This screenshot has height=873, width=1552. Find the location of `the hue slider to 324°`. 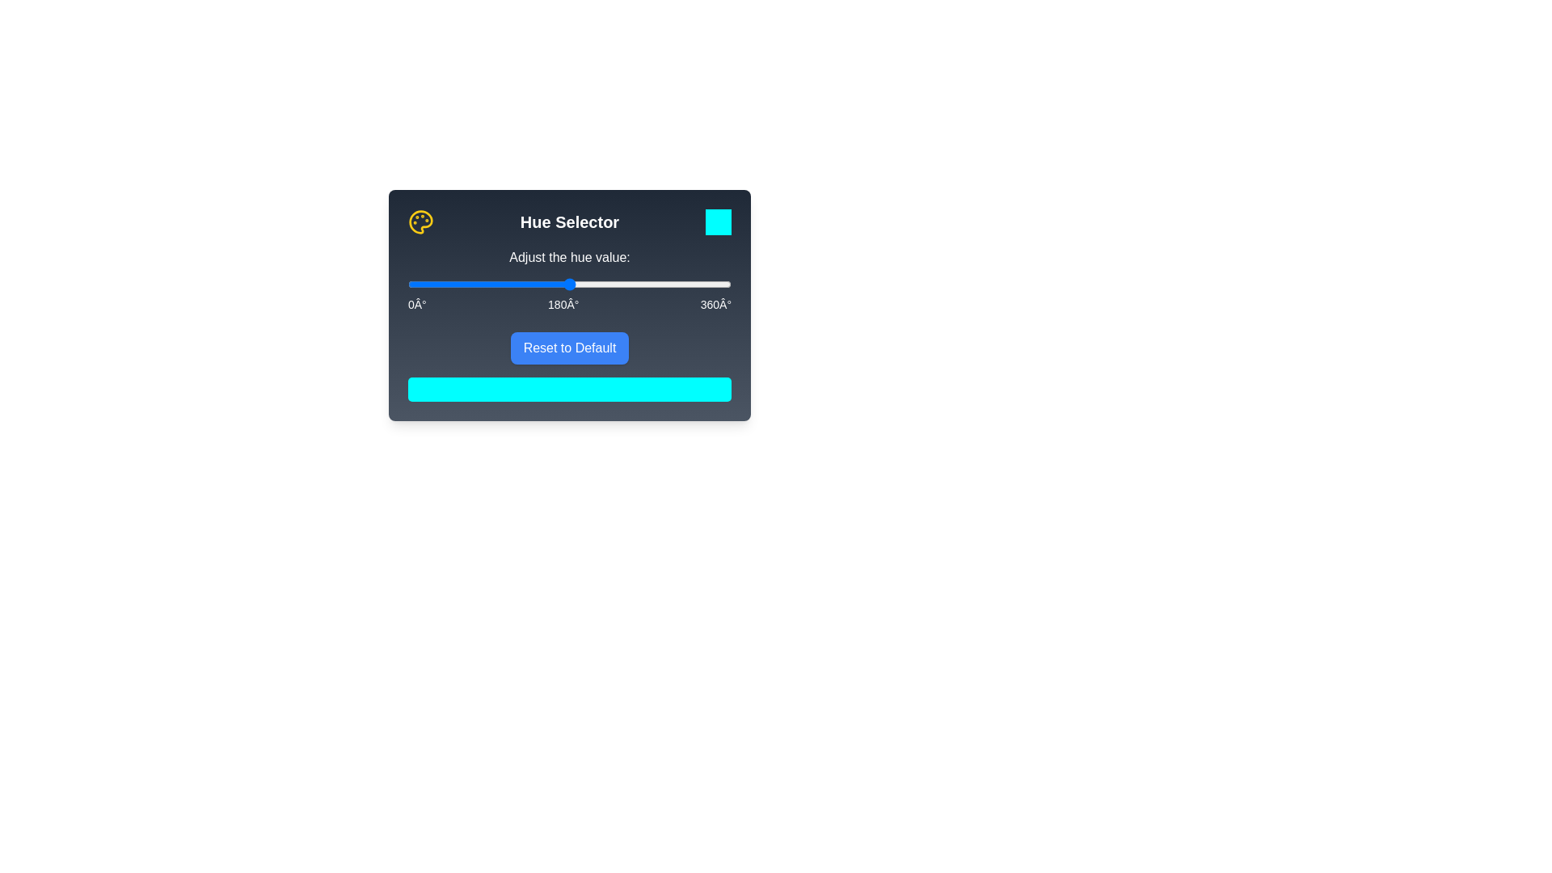

the hue slider to 324° is located at coordinates (698, 283).